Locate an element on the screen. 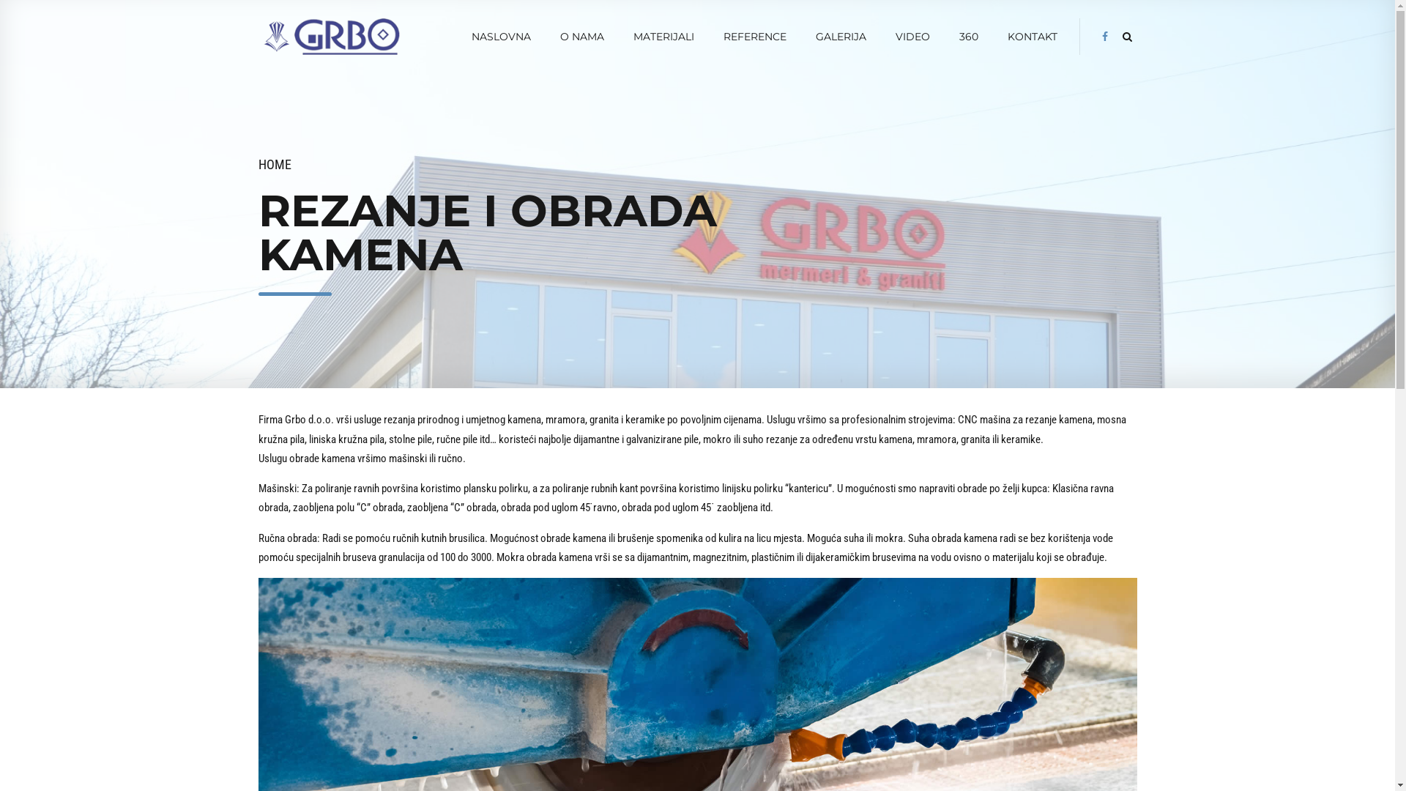  'NASLOVNA' is located at coordinates (501, 36).